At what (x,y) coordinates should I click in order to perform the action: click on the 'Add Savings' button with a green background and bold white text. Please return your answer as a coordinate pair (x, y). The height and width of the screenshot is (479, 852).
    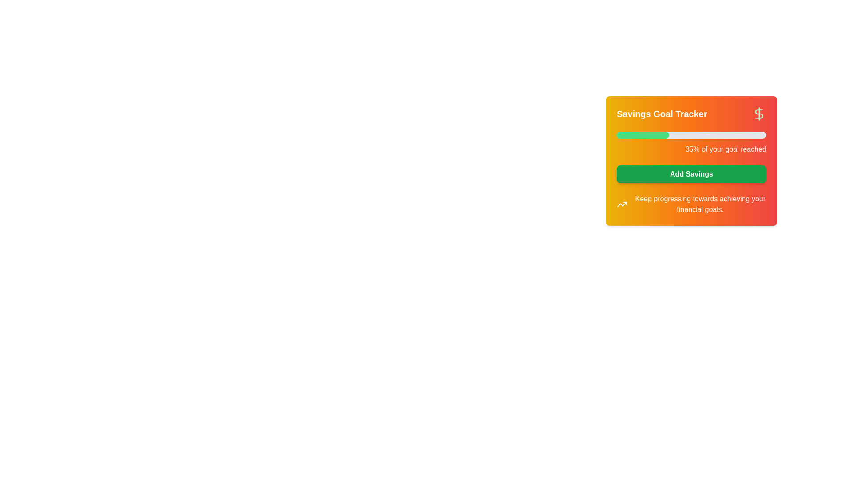
    Looking at the image, I should click on (691, 174).